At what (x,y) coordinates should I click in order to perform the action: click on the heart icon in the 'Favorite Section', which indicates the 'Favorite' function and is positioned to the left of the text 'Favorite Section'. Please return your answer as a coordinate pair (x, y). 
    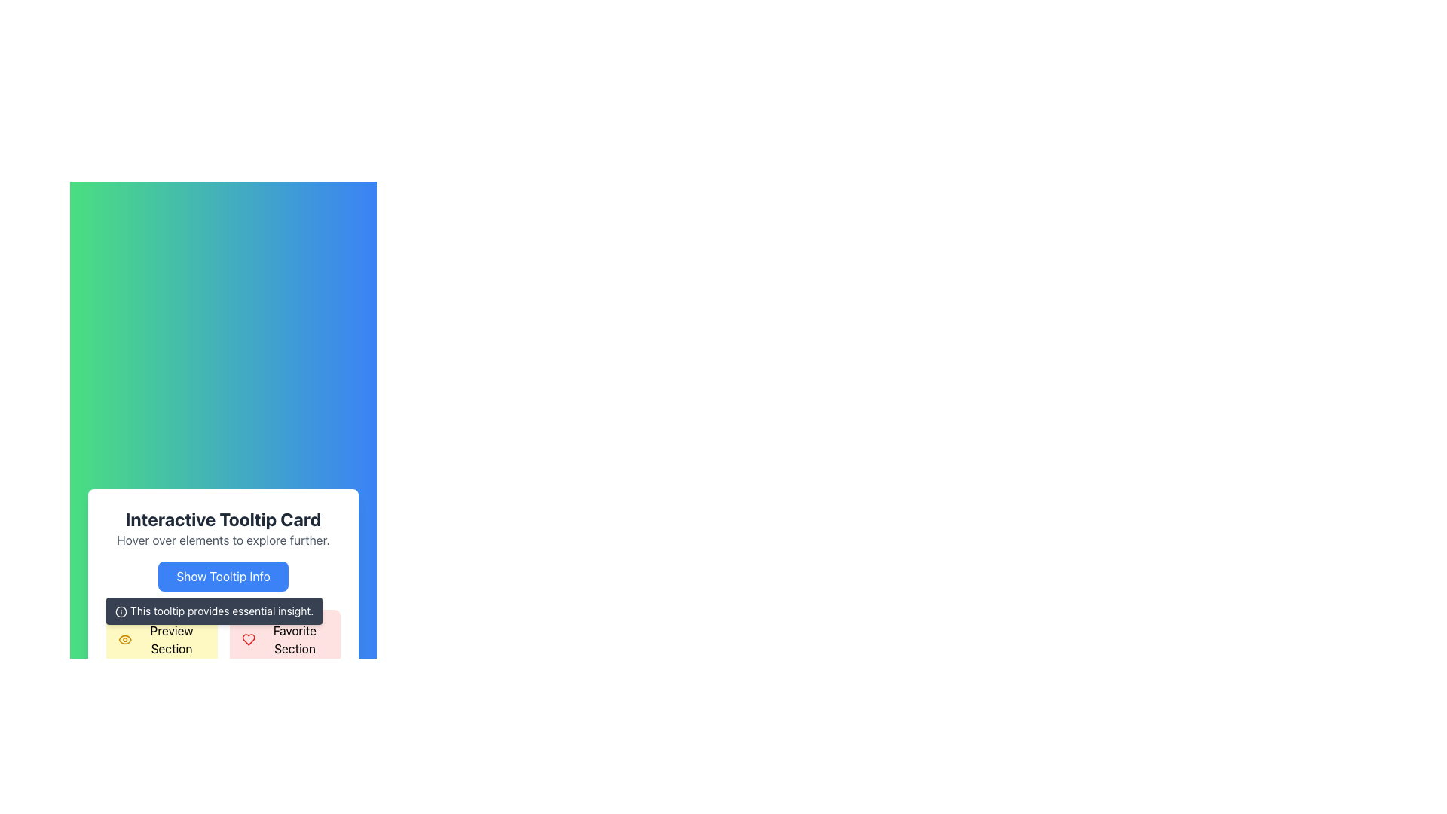
    Looking at the image, I should click on (248, 639).